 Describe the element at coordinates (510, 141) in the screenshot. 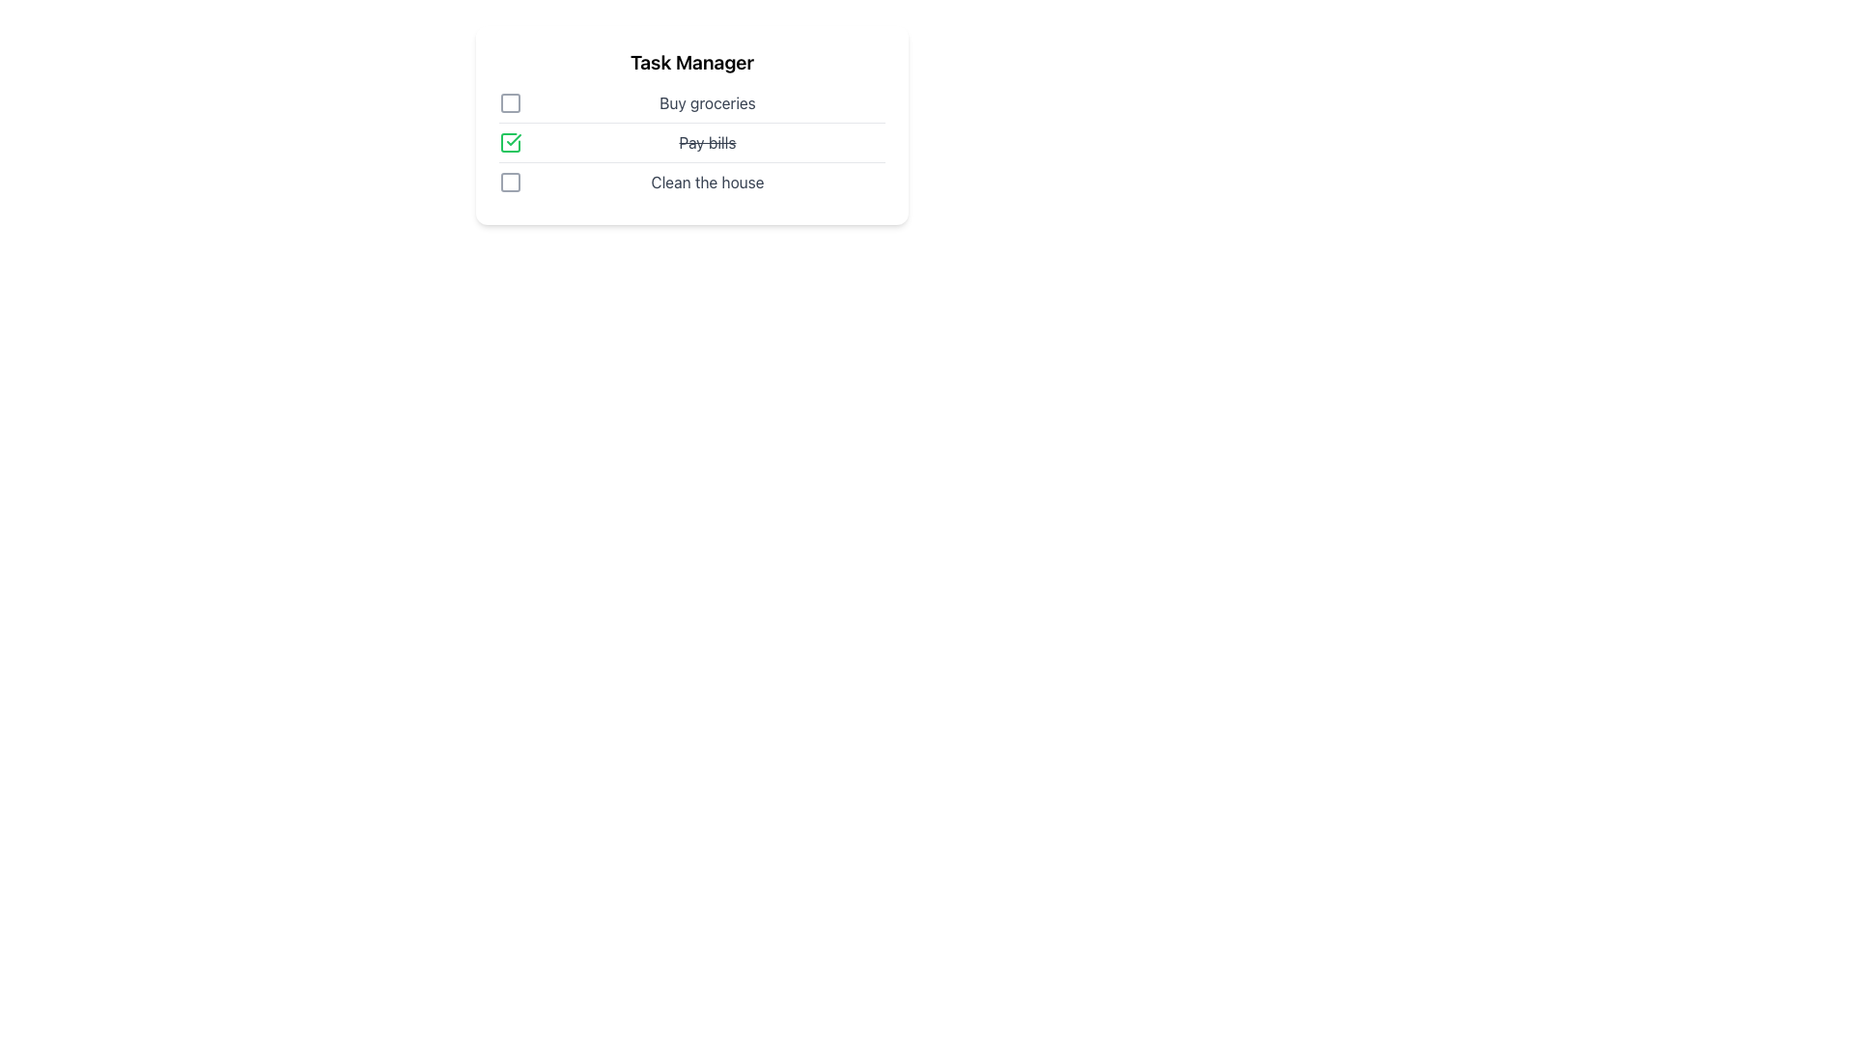

I see `the 'Pay bills' checkbox` at that location.